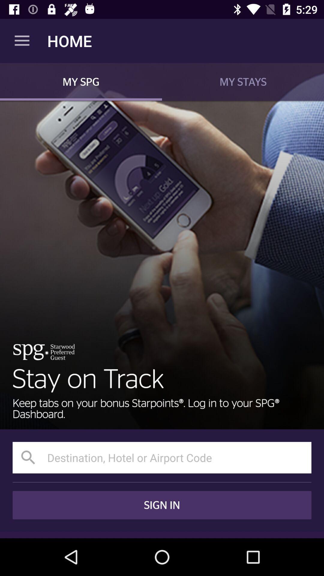  Describe the element at coordinates (162, 457) in the screenshot. I see `input text` at that location.